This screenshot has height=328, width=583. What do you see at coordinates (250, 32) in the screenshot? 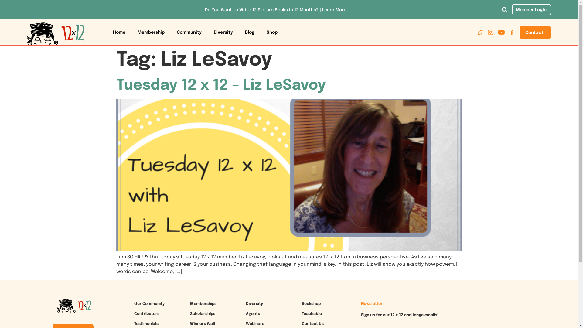
I see `'Blog'` at bounding box center [250, 32].